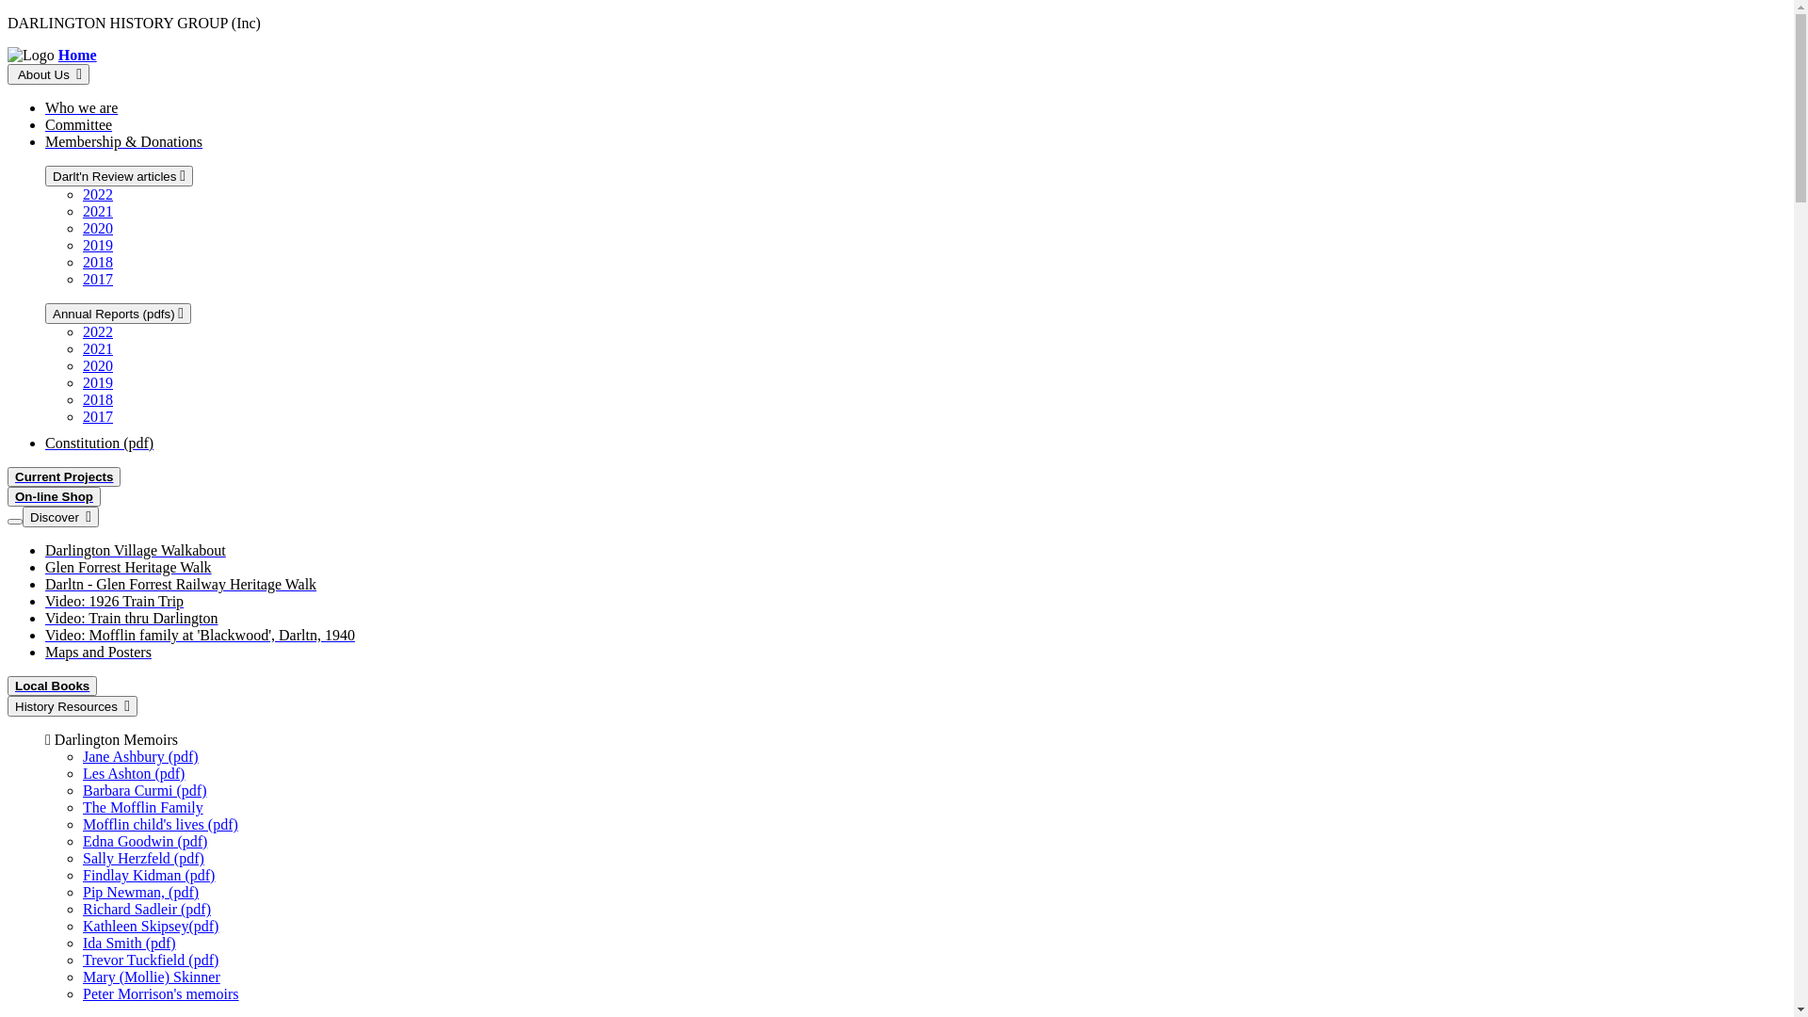  What do you see at coordinates (45, 312) in the screenshot?
I see `'Annual Reports (pdfs) '` at bounding box center [45, 312].